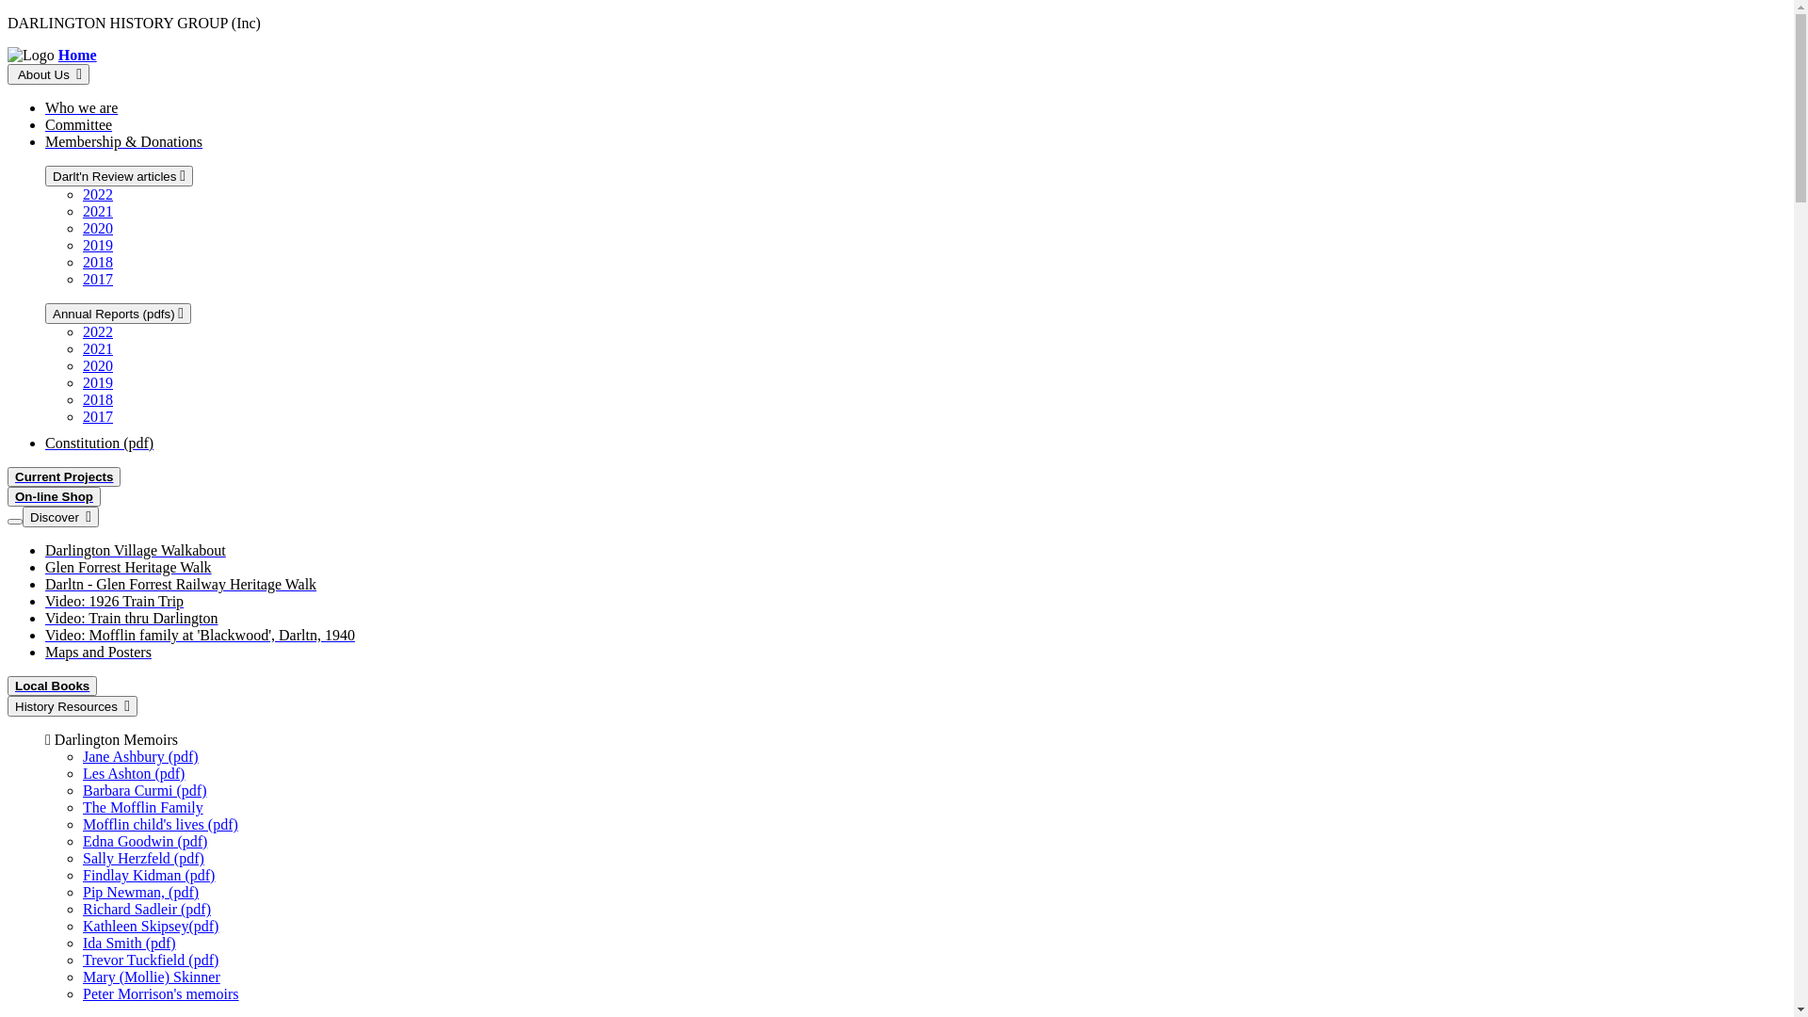  What do you see at coordinates (45, 312) in the screenshot?
I see `'Annual Reports (pdfs) '` at bounding box center [45, 312].